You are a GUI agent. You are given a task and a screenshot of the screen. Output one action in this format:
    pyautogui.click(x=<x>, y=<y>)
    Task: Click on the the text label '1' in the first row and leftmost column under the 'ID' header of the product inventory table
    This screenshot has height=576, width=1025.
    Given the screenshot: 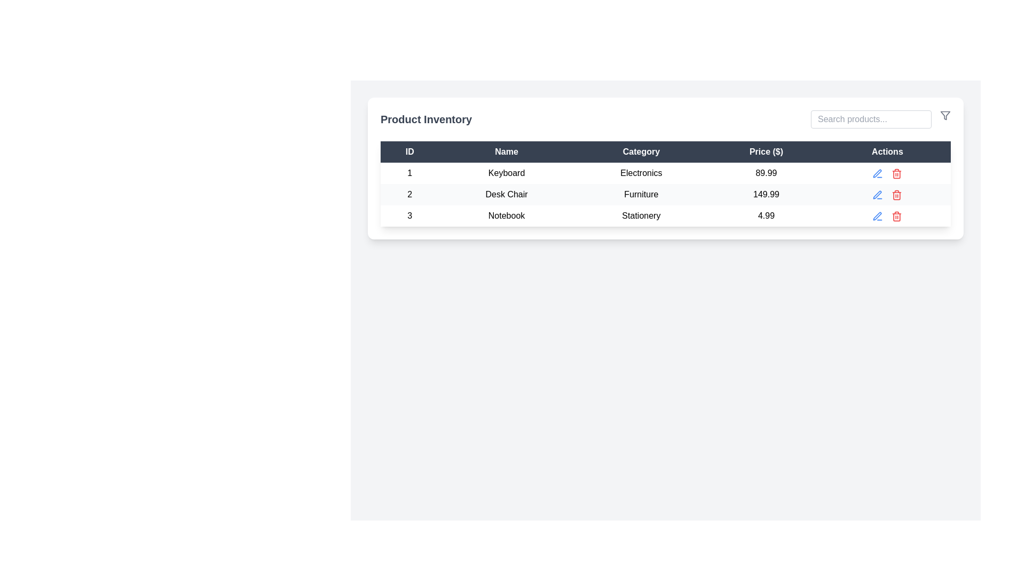 What is the action you would take?
    pyautogui.click(x=409, y=172)
    